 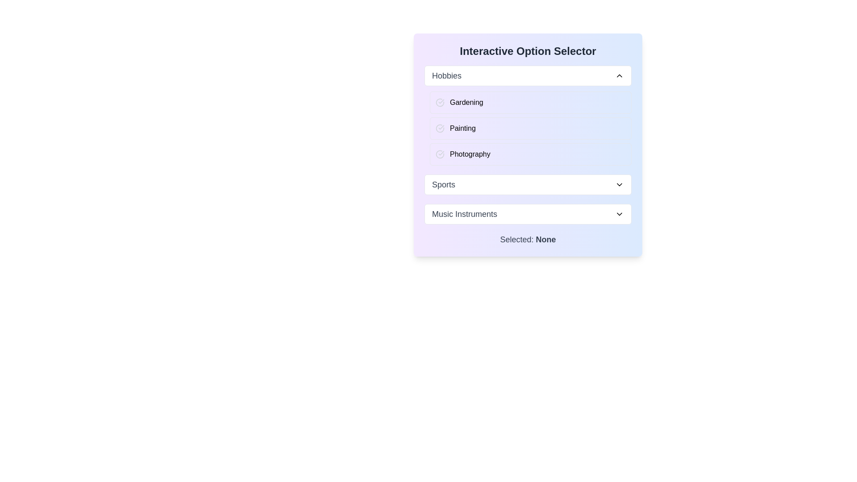 I want to click on the fourth selectable option in the 'Interactive Option Selector' dropdown menu, which is related to 'Sports', so click(x=528, y=184).